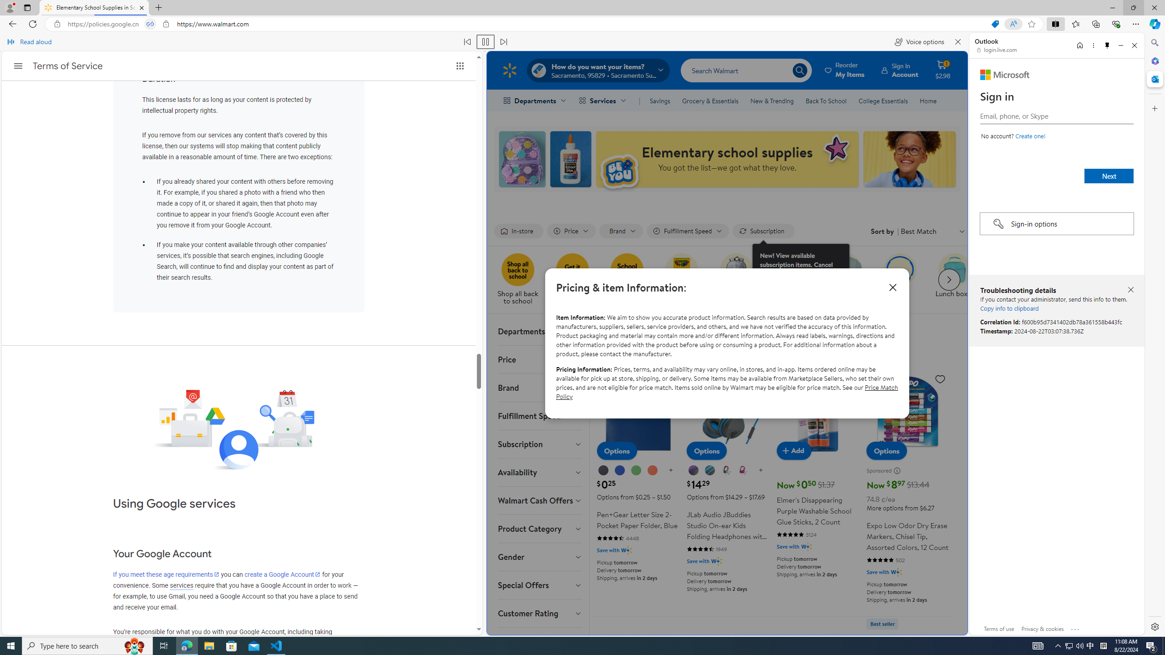  What do you see at coordinates (727, 392) in the screenshot?
I see `'Price Match Policy'` at bounding box center [727, 392].